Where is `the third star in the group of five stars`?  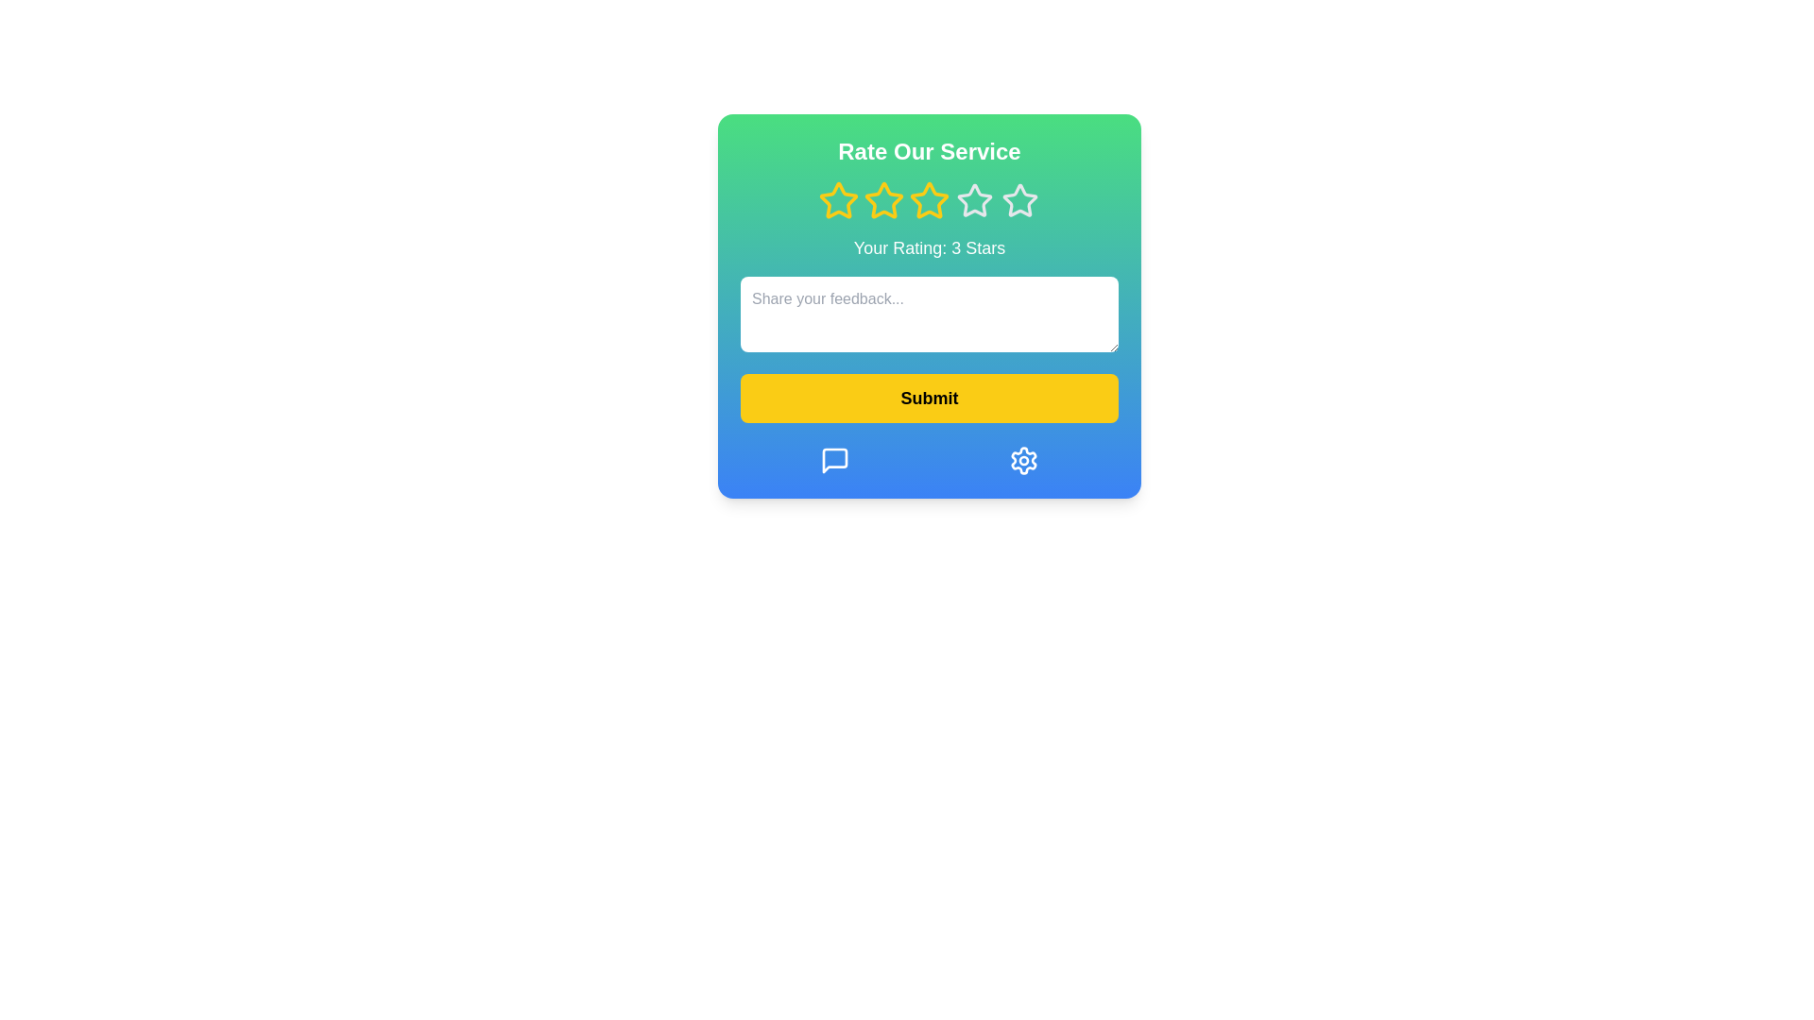
the third star in the group of five stars is located at coordinates (929, 200).